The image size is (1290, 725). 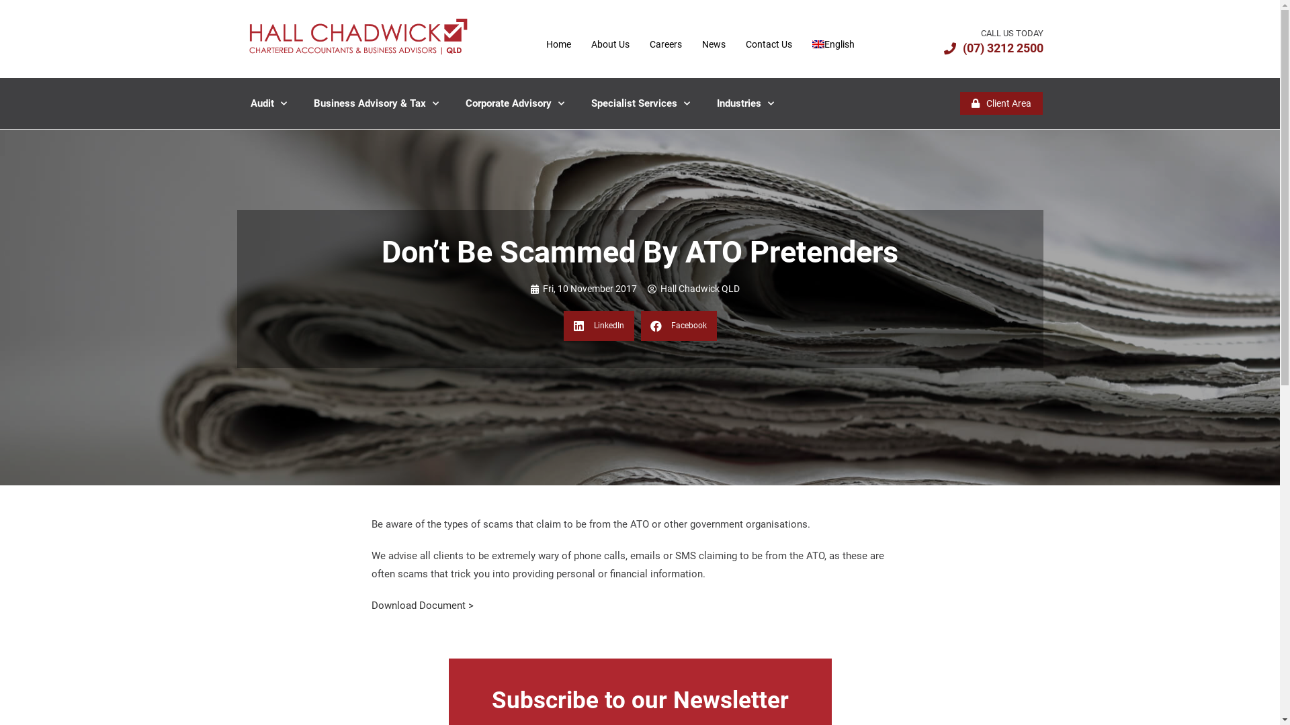 I want to click on 'Hall Chadwick QLD', so click(x=648, y=288).